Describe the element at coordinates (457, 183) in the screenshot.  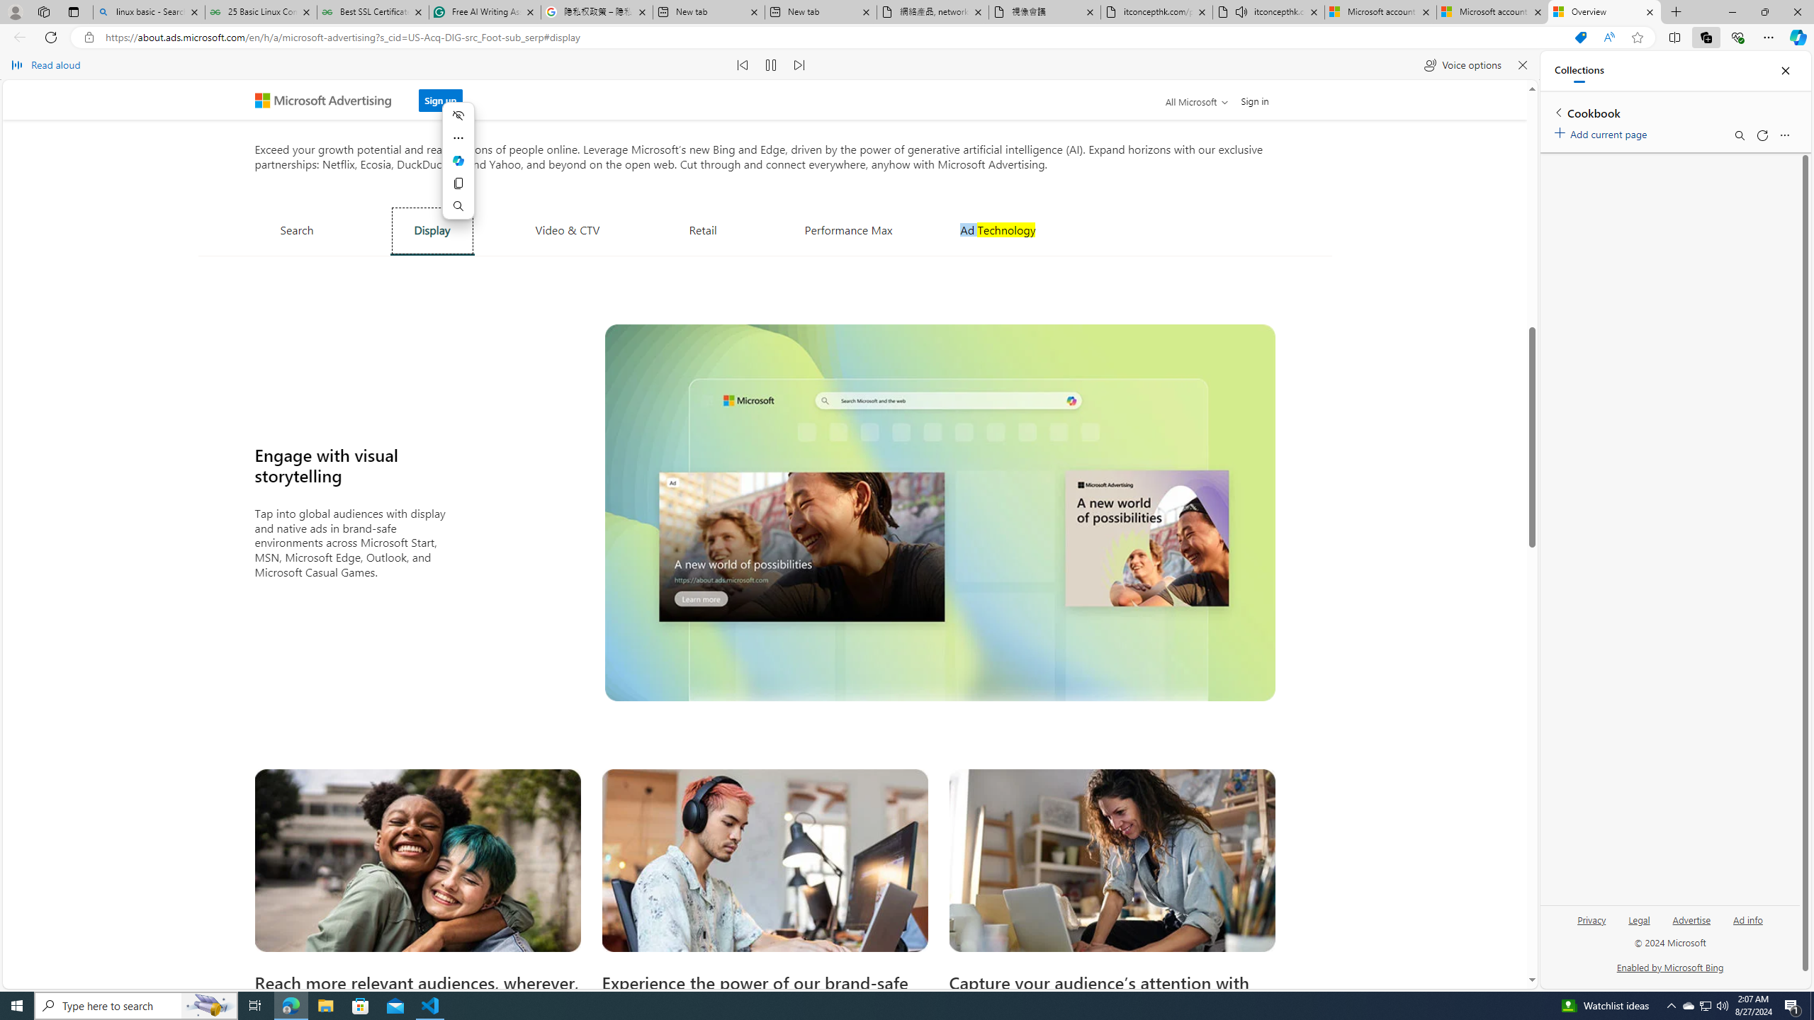
I see `'Copy'` at that location.